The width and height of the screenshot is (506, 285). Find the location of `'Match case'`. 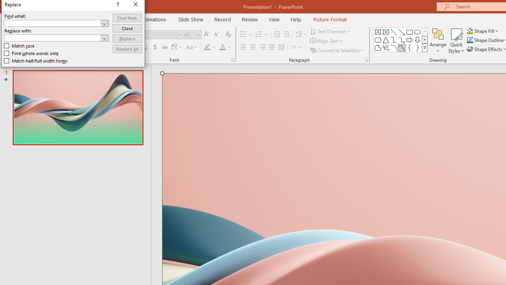

'Match case' is located at coordinates (19, 46).